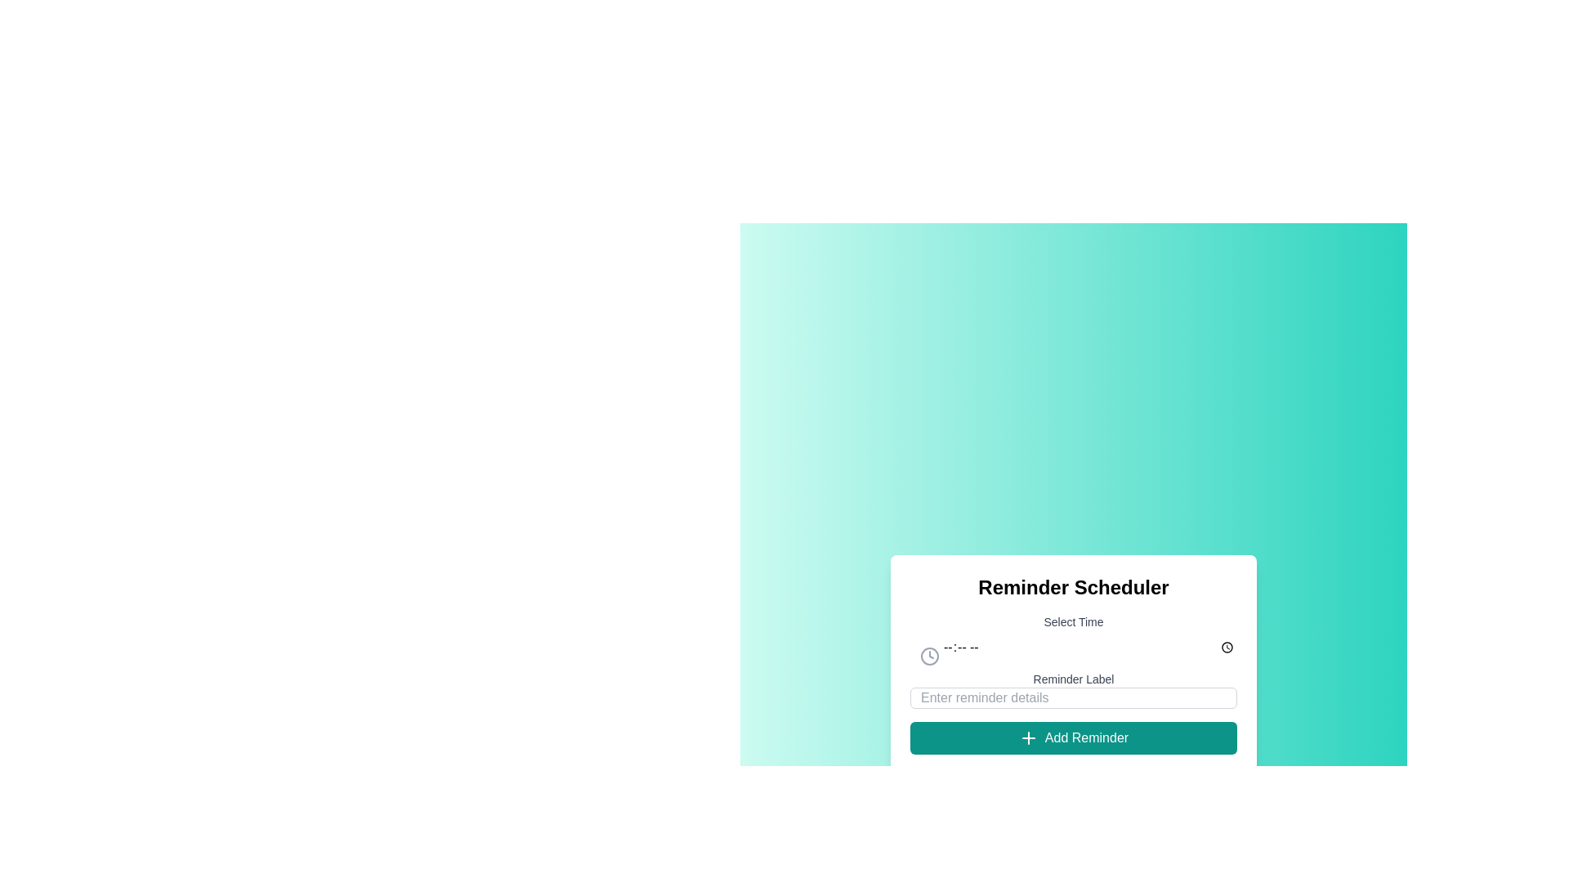 The width and height of the screenshot is (1569, 883). What do you see at coordinates (1074, 646) in the screenshot?
I see `keyboard navigation` at bounding box center [1074, 646].